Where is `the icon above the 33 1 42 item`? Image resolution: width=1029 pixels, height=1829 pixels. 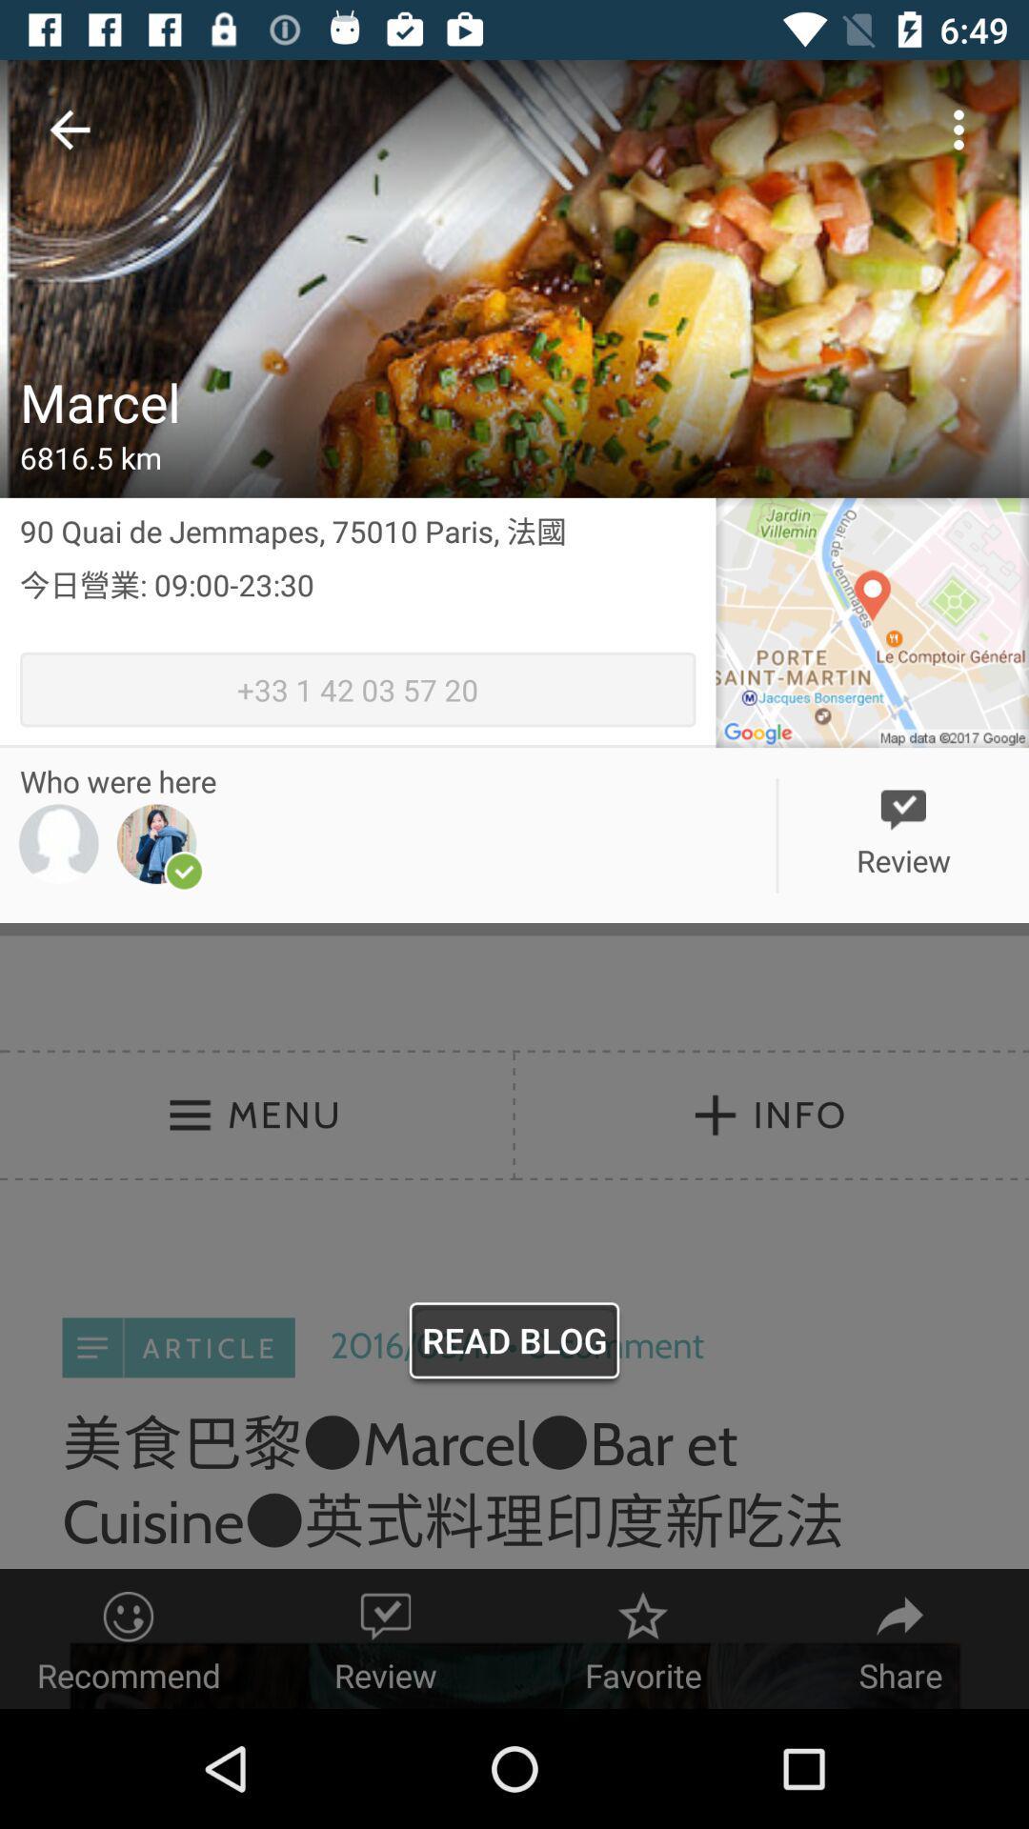
the icon above the 33 1 42 item is located at coordinates (357, 607).